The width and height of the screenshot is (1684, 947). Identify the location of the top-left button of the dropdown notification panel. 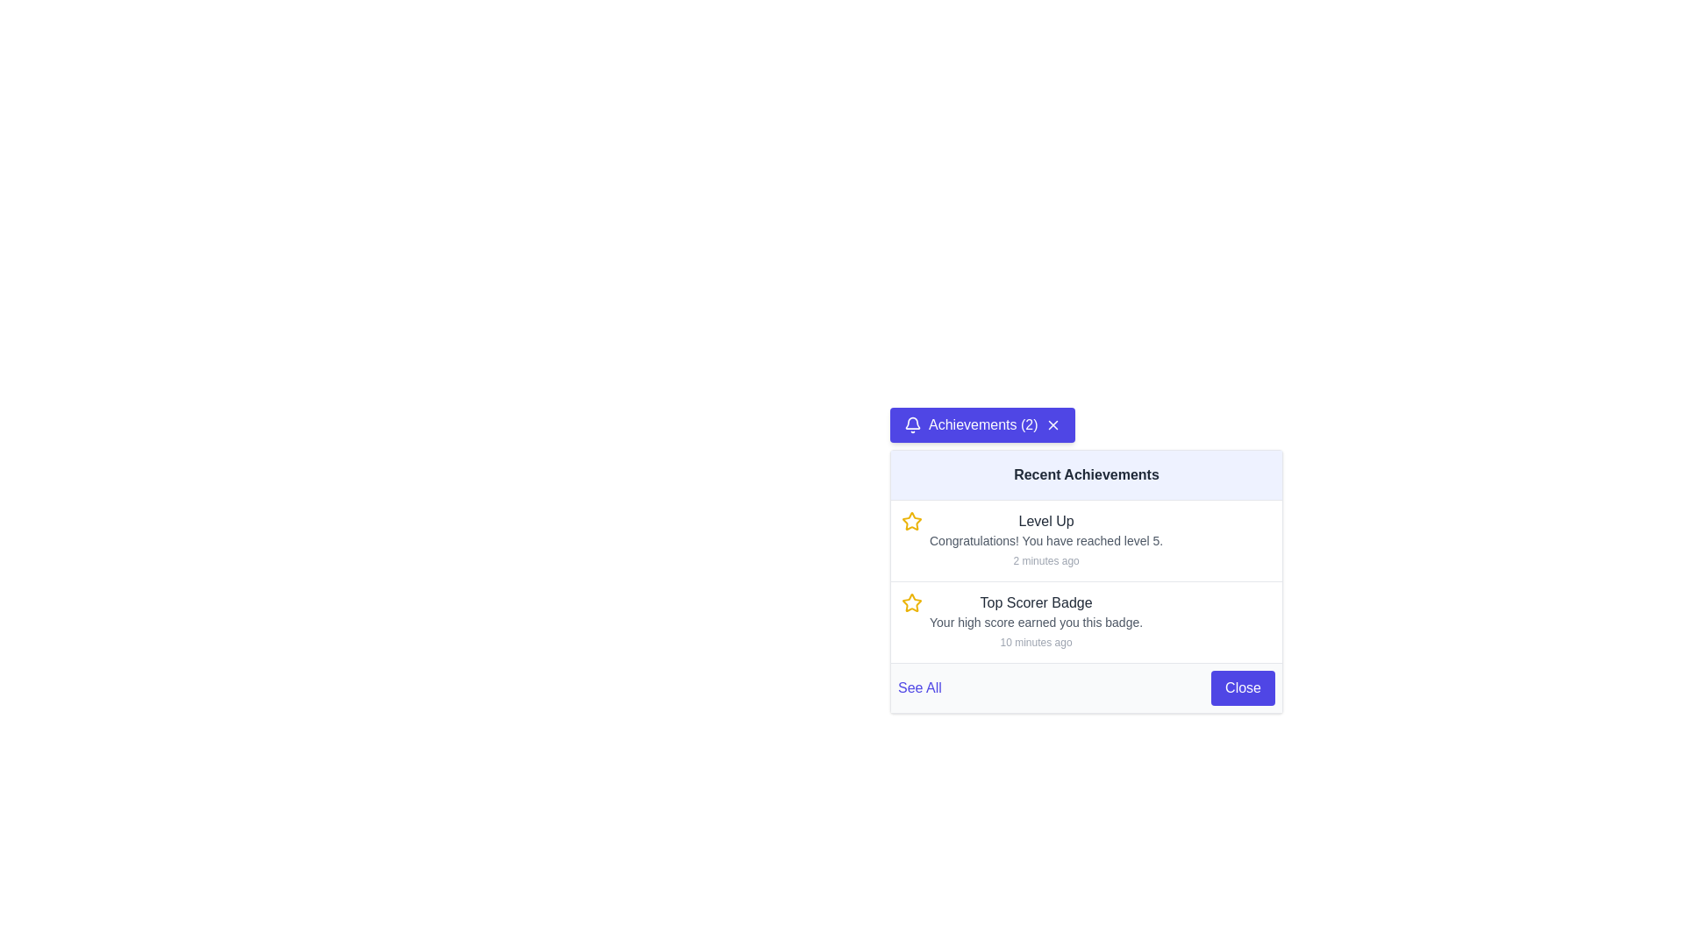
(982, 425).